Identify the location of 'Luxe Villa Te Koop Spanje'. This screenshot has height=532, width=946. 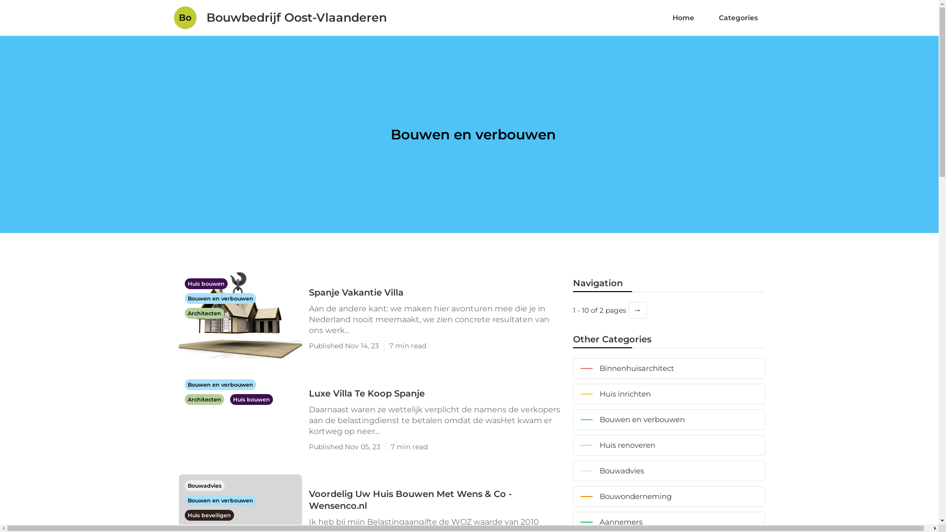
(435, 393).